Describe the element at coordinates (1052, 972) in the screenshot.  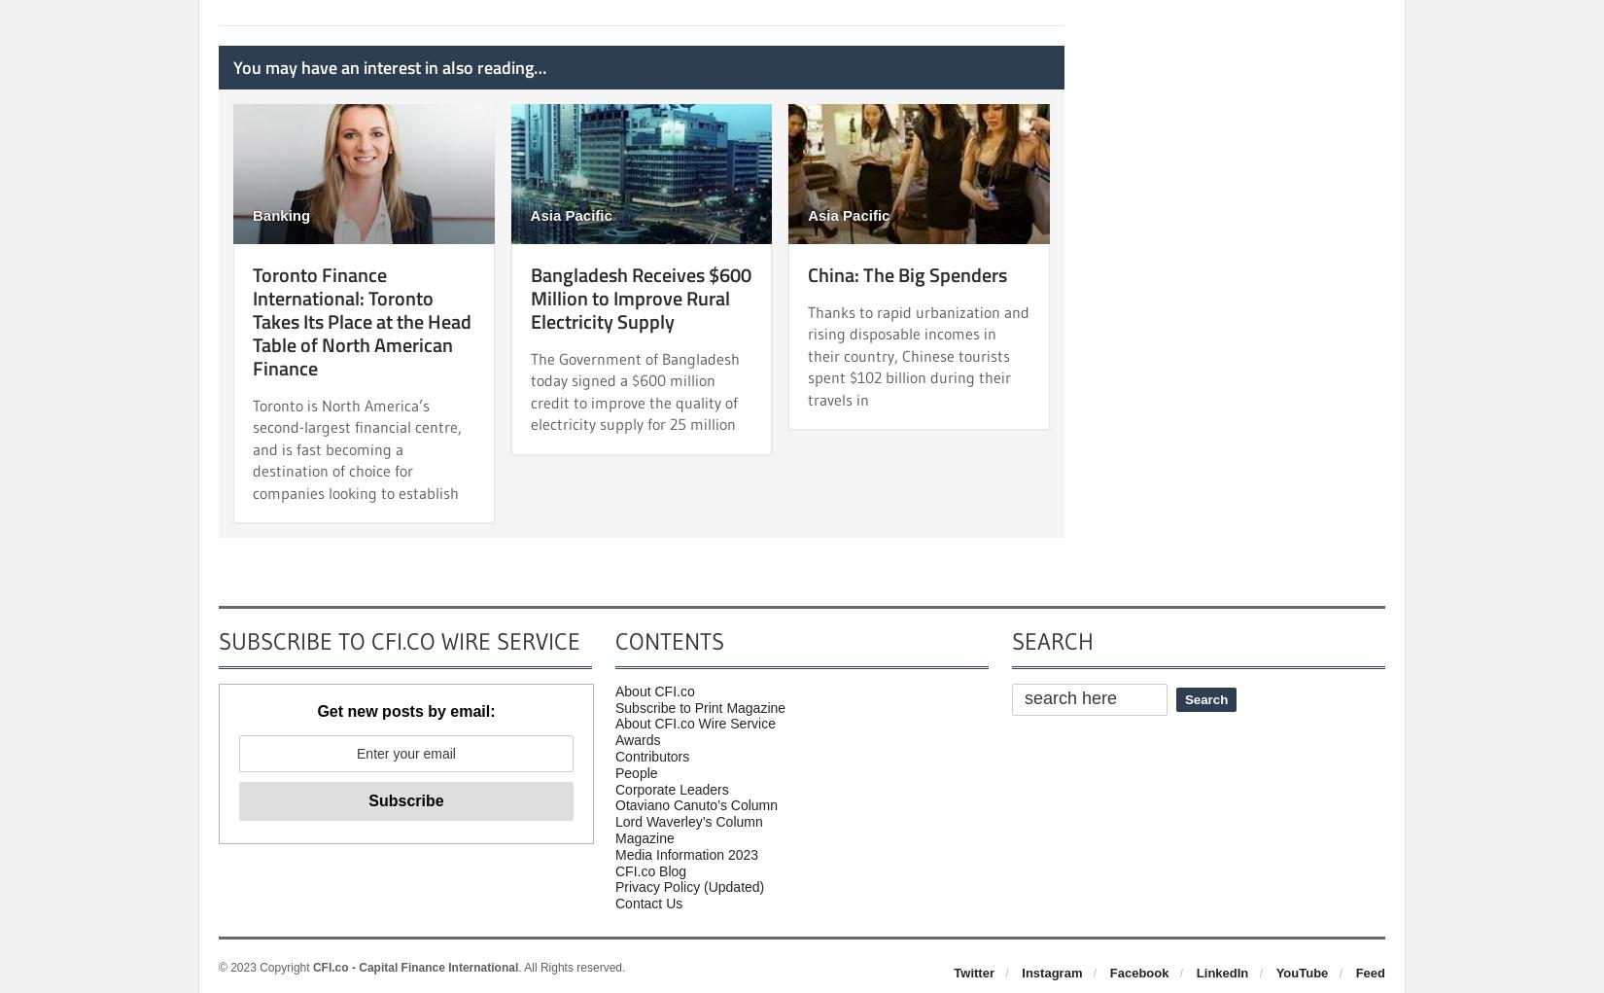
I see `'Instagram'` at that location.